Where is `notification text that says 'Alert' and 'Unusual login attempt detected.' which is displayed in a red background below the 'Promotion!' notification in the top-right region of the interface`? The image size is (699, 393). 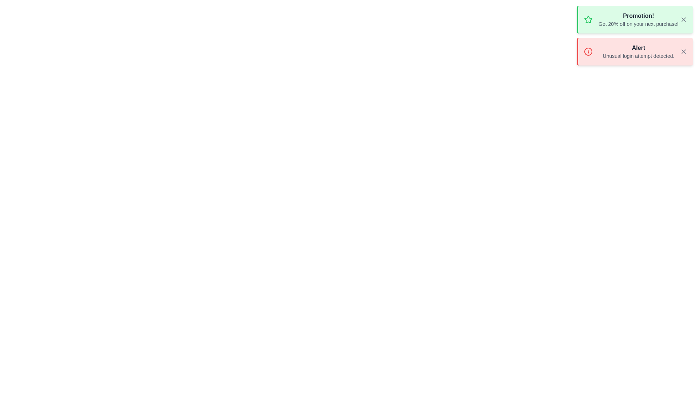 notification text that says 'Alert' and 'Unusual login attempt detected.' which is displayed in a red background below the 'Promotion!' notification in the top-right region of the interface is located at coordinates (638, 51).